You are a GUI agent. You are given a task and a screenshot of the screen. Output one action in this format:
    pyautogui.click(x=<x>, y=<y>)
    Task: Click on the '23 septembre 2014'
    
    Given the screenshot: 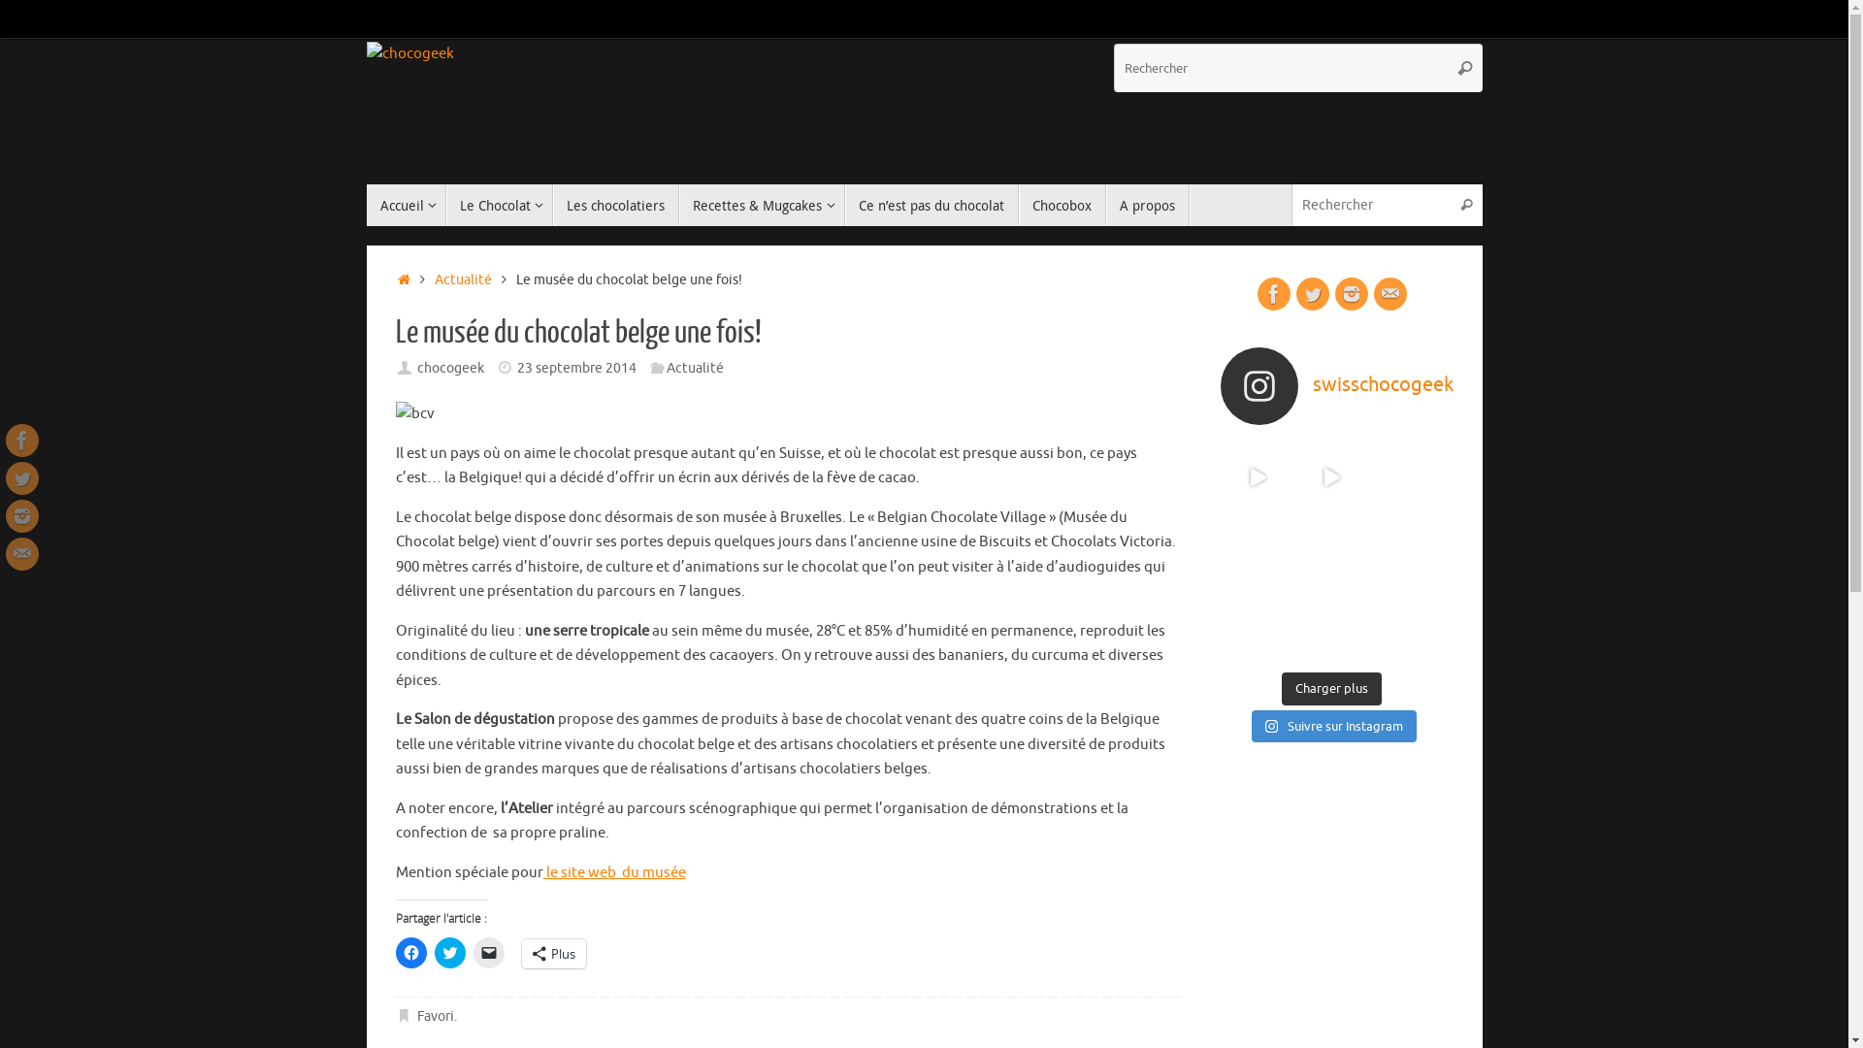 What is the action you would take?
    pyautogui.click(x=575, y=367)
    